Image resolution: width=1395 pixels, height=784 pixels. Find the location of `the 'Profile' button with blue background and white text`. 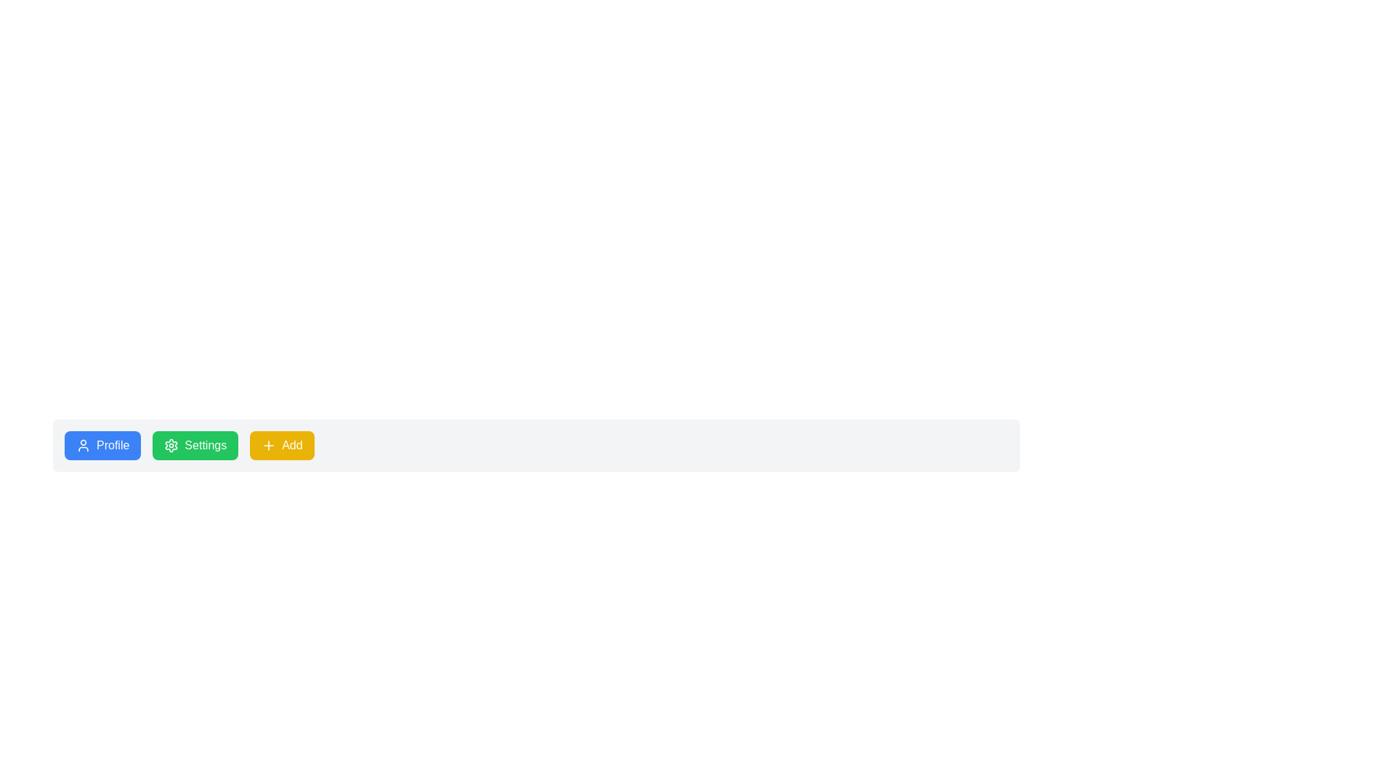

the 'Profile' button with blue background and white text is located at coordinates (102, 444).